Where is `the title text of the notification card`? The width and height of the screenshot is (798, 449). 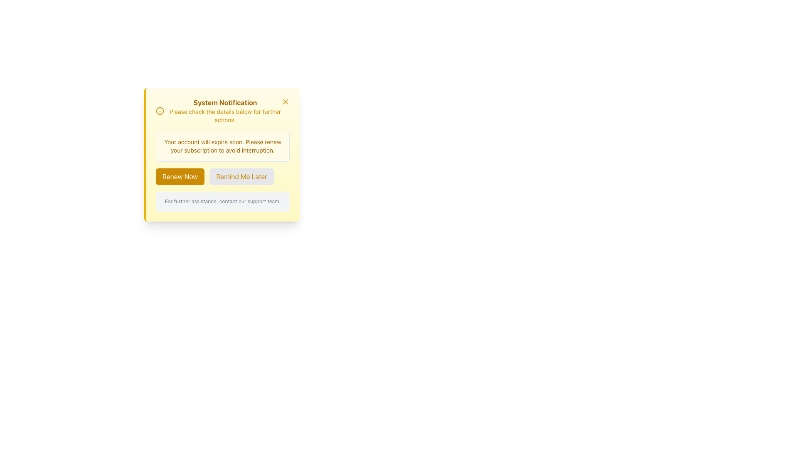 the title text of the notification card is located at coordinates (225, 102).